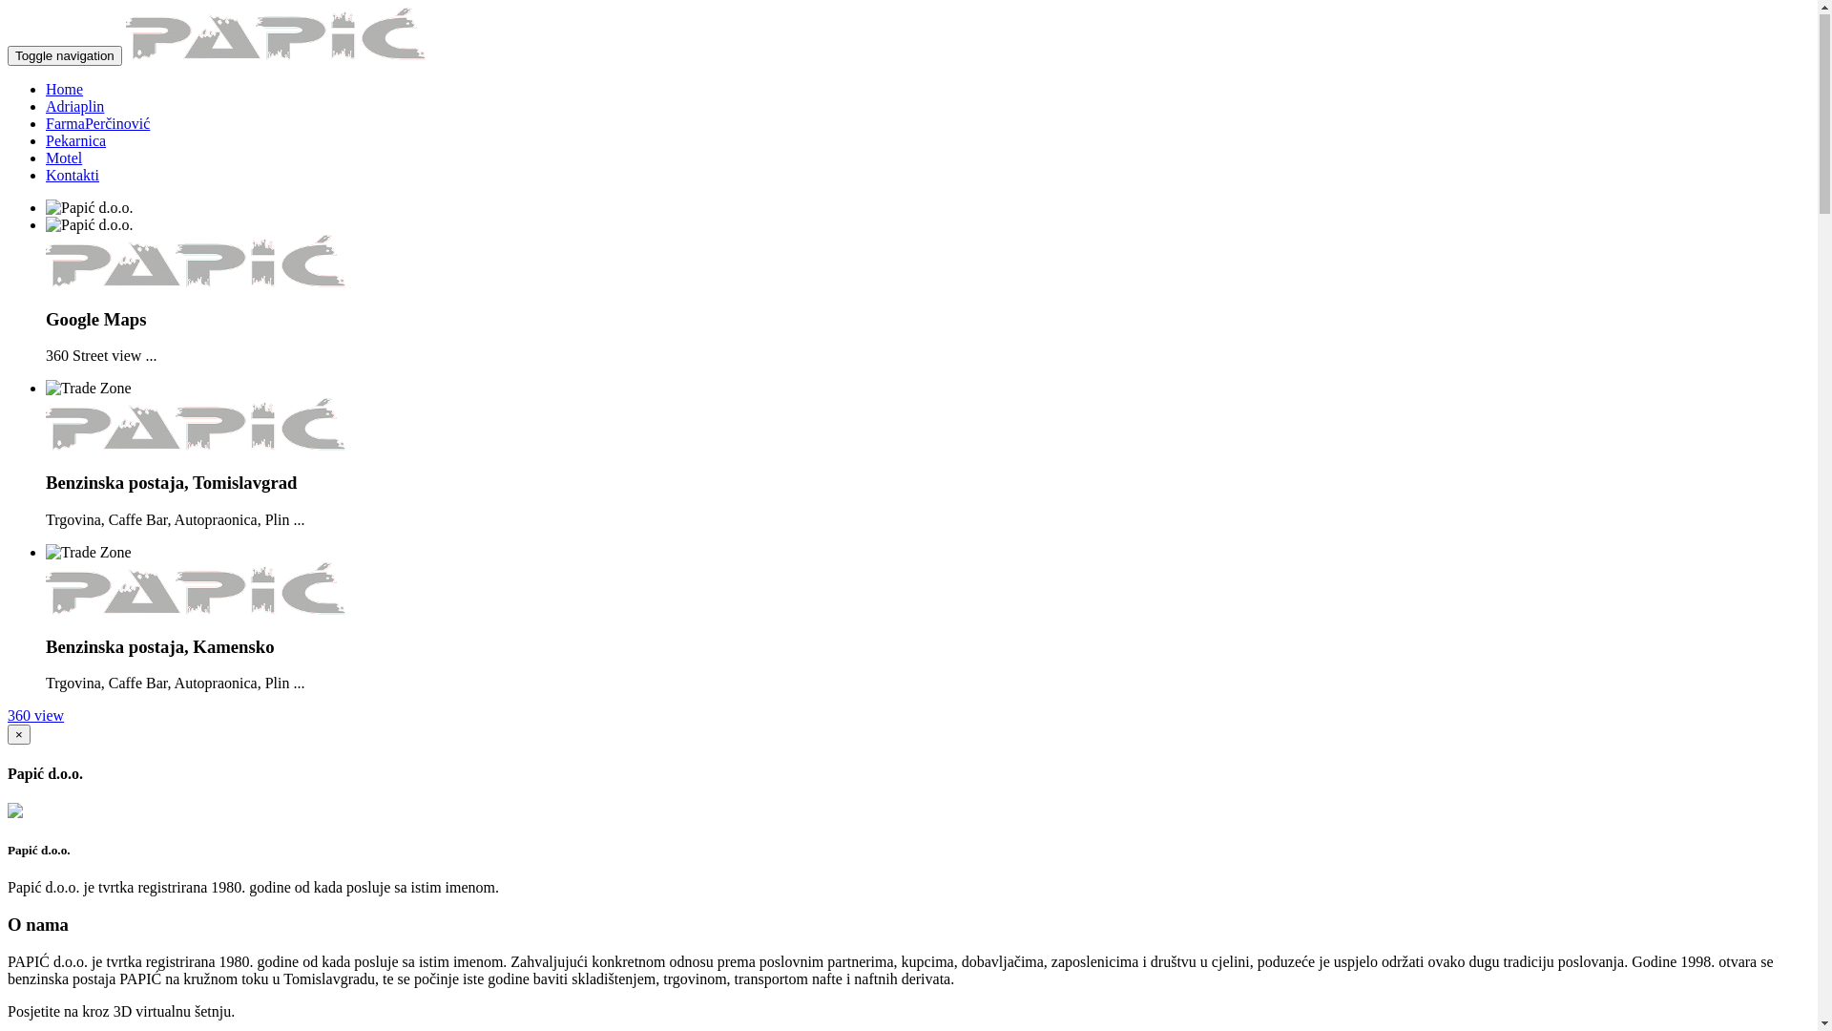  I want to click on 'Adriaplin', so click(74, 107).